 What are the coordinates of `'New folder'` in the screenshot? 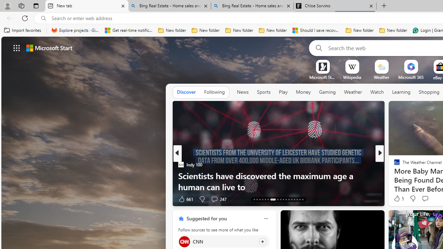 It's located at (393, 30).